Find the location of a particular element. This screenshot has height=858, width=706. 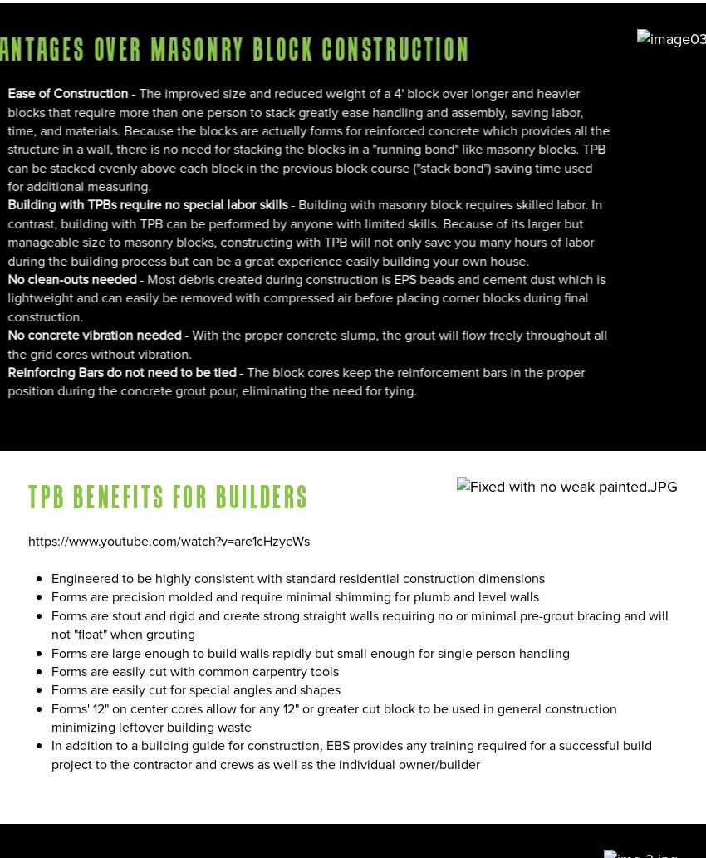

'https://www.youtube.com/watch?v=are1cHzyeWs' is located at coordinates (168, 540).